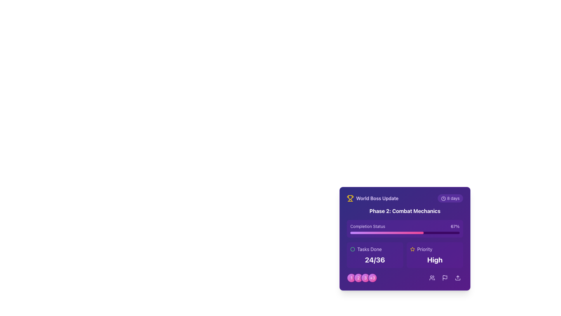 The image size is (561, 316). Describe the element at coordinates (350, 198) in the screenshot. I see `the icon representing 'World Boss Update', which is positioned to the far left of its horizontal layout` at that location.